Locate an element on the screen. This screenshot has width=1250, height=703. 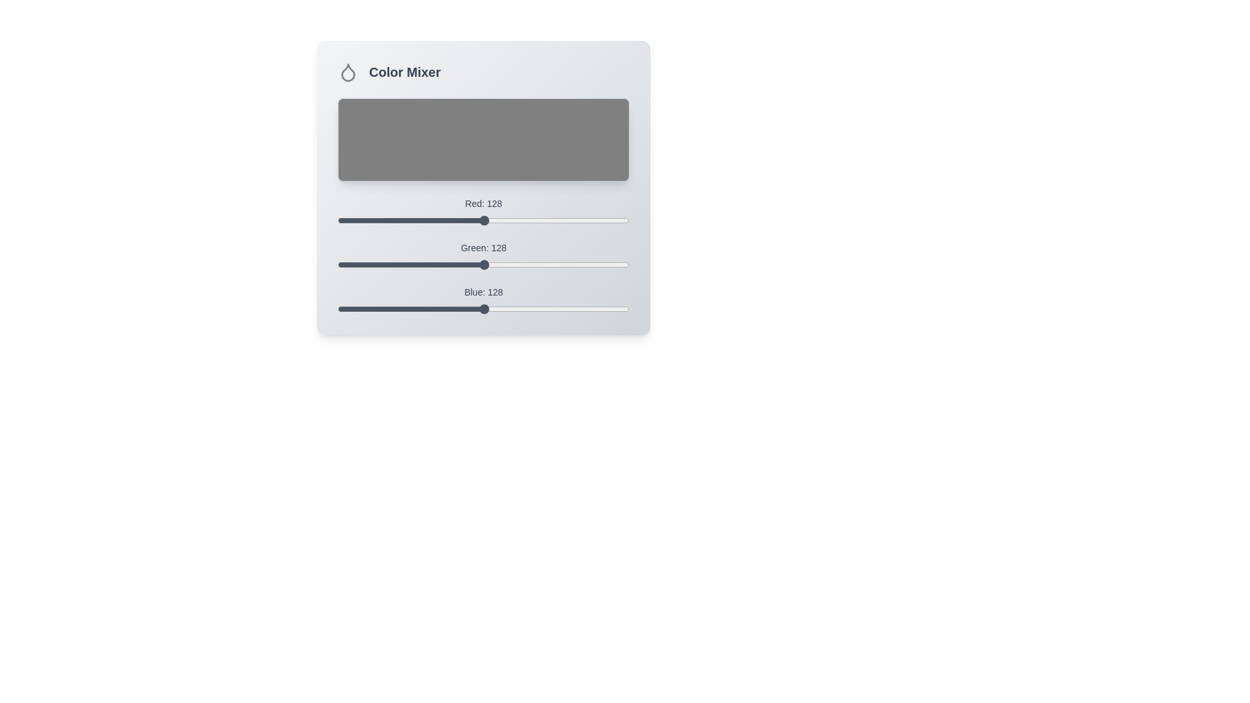
the 1 slider to 219 is located at coordinates (587, 259).